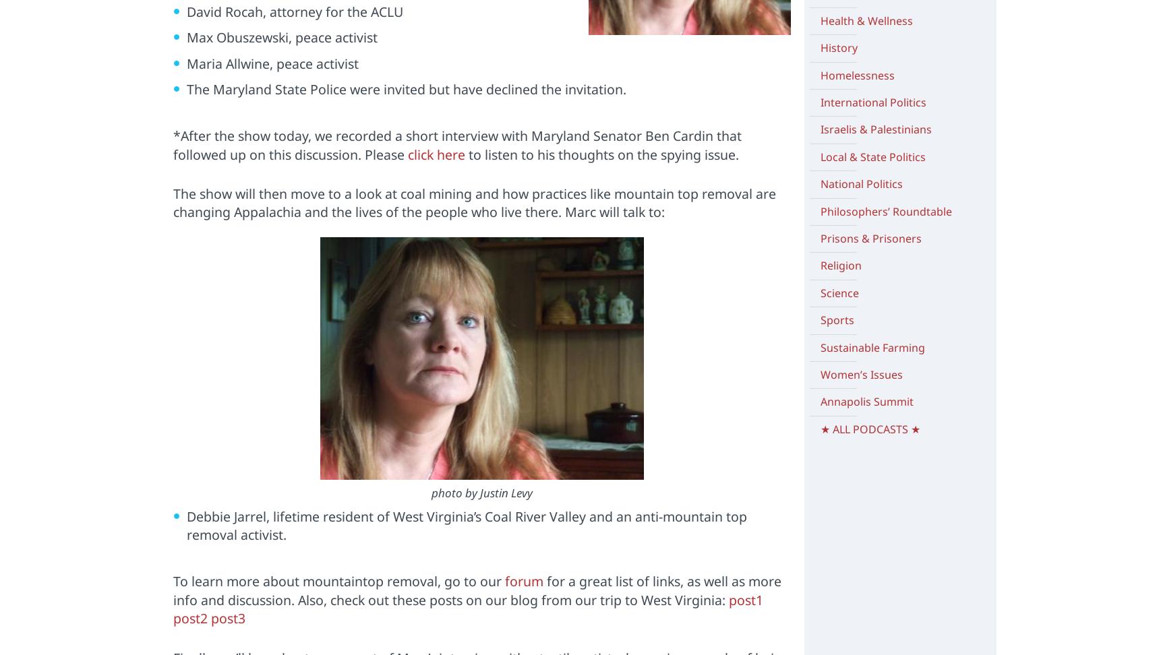 Image resolution: width=1157 pixels, height=655 pixels. I want to click on 'Sustainable Farming', so click(819, 346).